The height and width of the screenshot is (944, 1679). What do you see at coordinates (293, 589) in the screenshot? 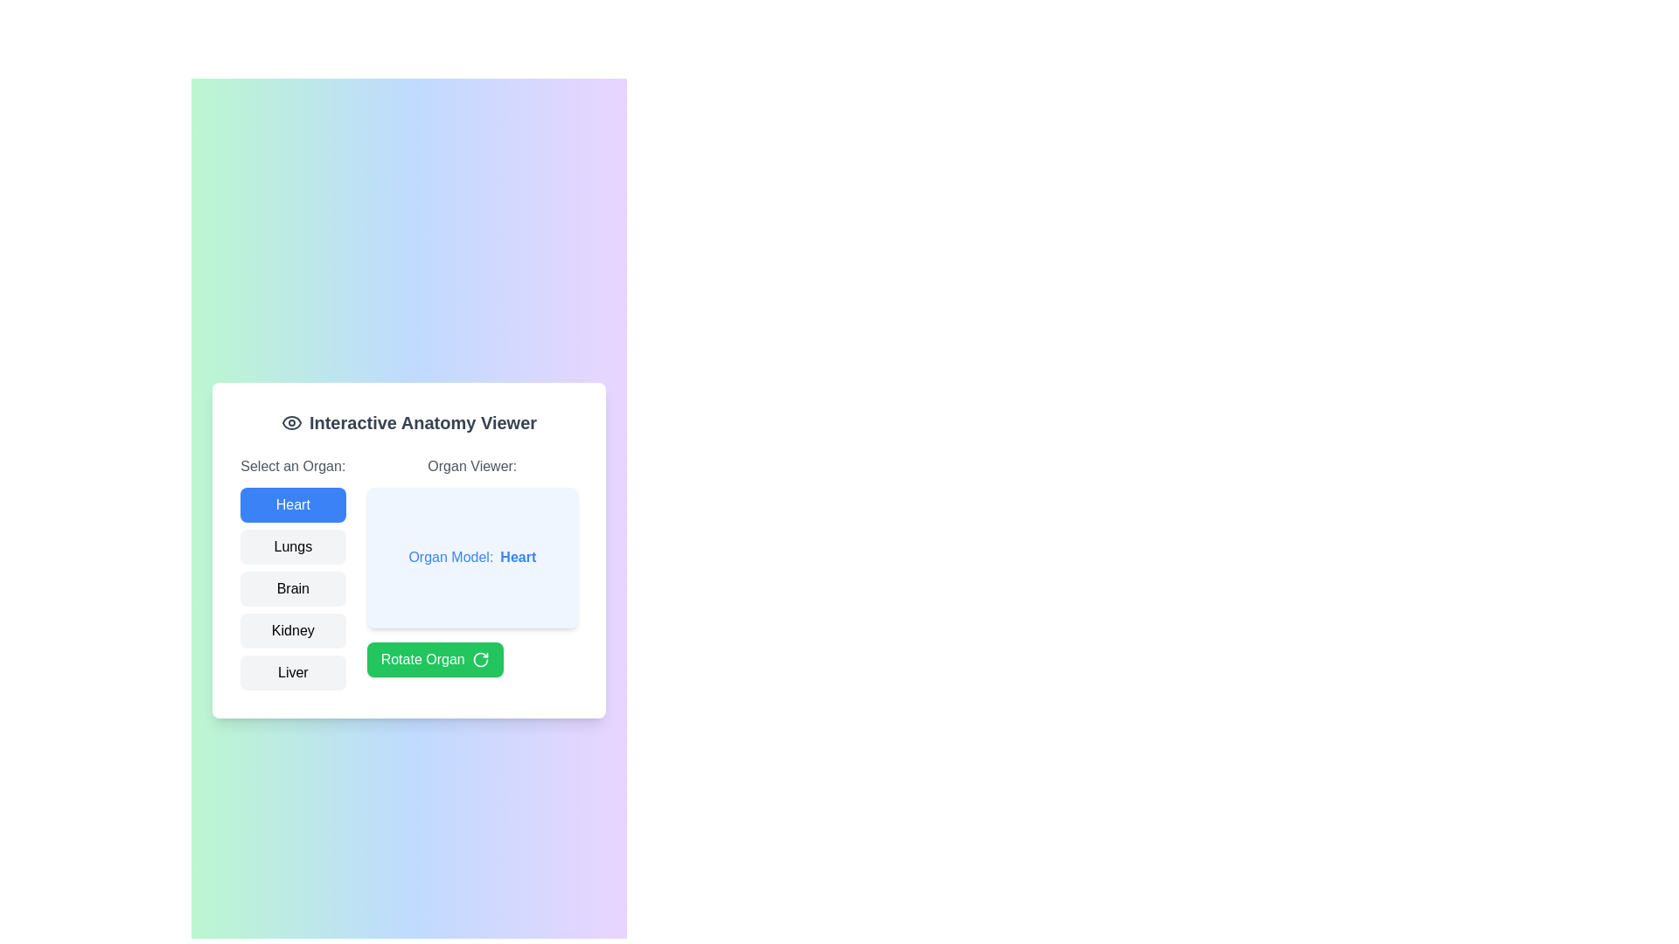
I see `the 'Brain' button, which is the third button in a vertical stack of five buttons, styled with a rounded shape and gray background` at bounding box center [293, 589].